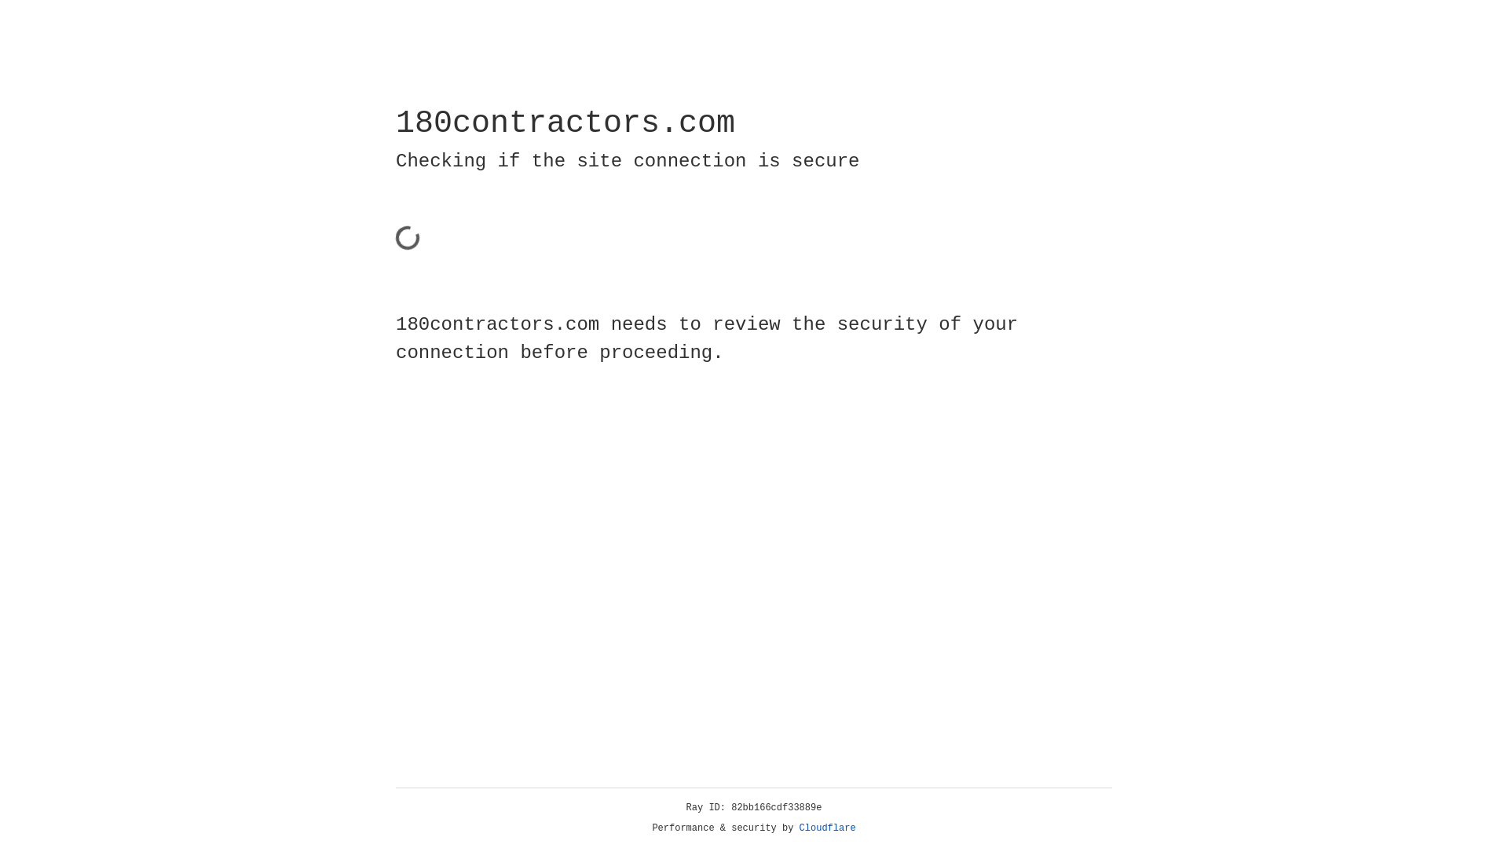  I want to click on 'Cloudflare', so click(799, 828).